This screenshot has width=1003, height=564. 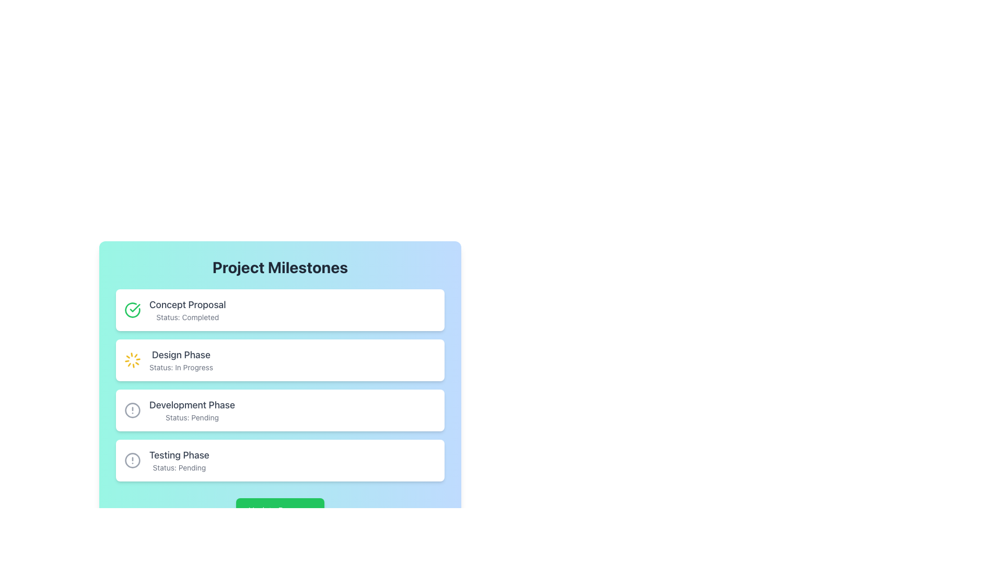 What do you see at coordinates (181, 354) in the screenshot?
I see `the 'Design Phase' text label, which is styled in bold medium grey and positioned in the second milestone box from the top, above the 'Status: In Progress' text` at bounding box center [181, 354].